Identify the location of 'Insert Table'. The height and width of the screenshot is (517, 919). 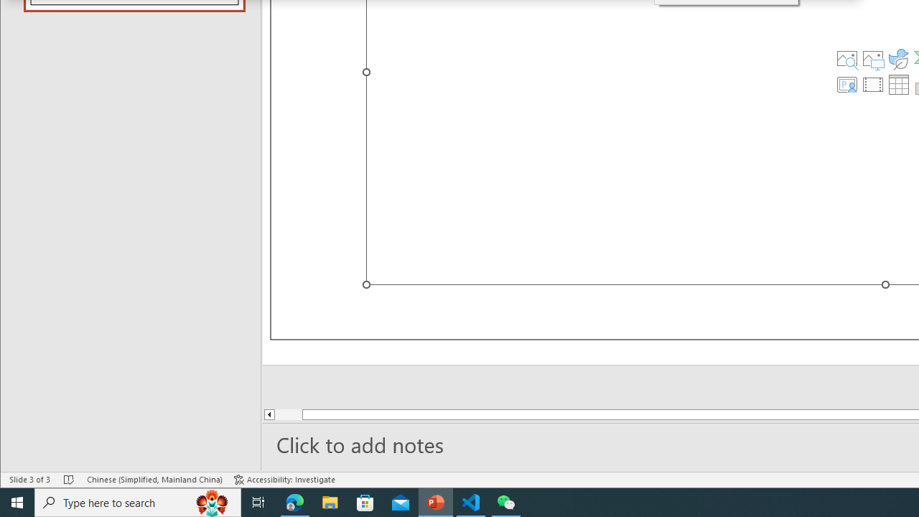
(898, 85).